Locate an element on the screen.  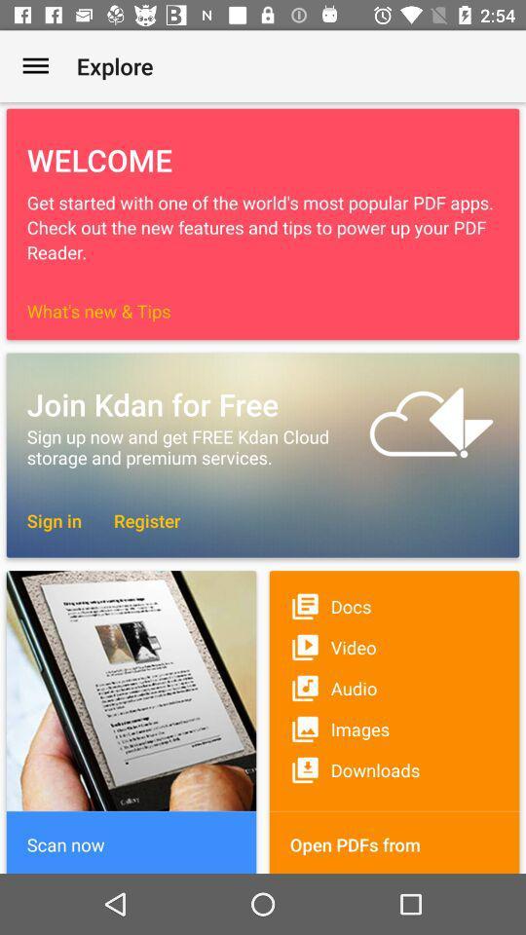
images is located at coordinates (394, 728).